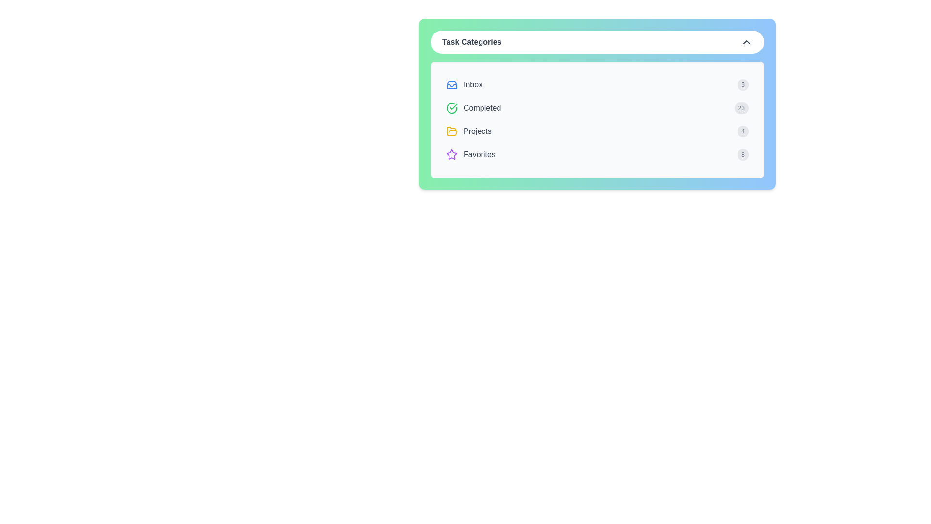 This screenshot has height=524, width=931. What do you see at coordinates (482, 108) in the screenshot?
I see `the Text label indicating completed tasks in the 'Task Categories' list, which is the second item after 'Inbox'` at bounding box center [482, 108].